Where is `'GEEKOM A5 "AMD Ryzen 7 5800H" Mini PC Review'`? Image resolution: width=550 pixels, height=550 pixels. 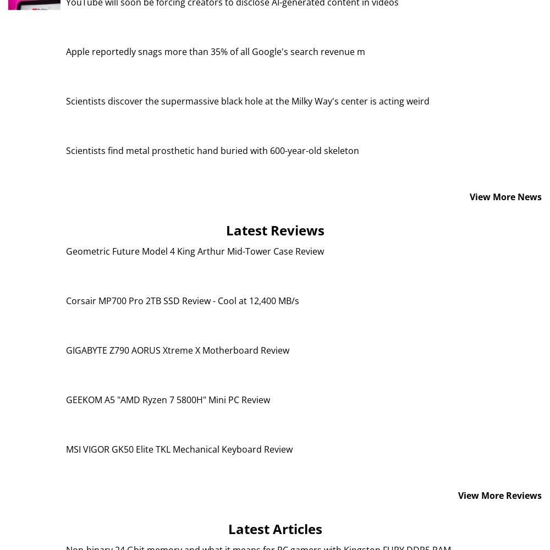 'GEEKOM A5 "AMD Ryzen 7 5800H" Mini PC Review' is located at coordinates (168, 399).